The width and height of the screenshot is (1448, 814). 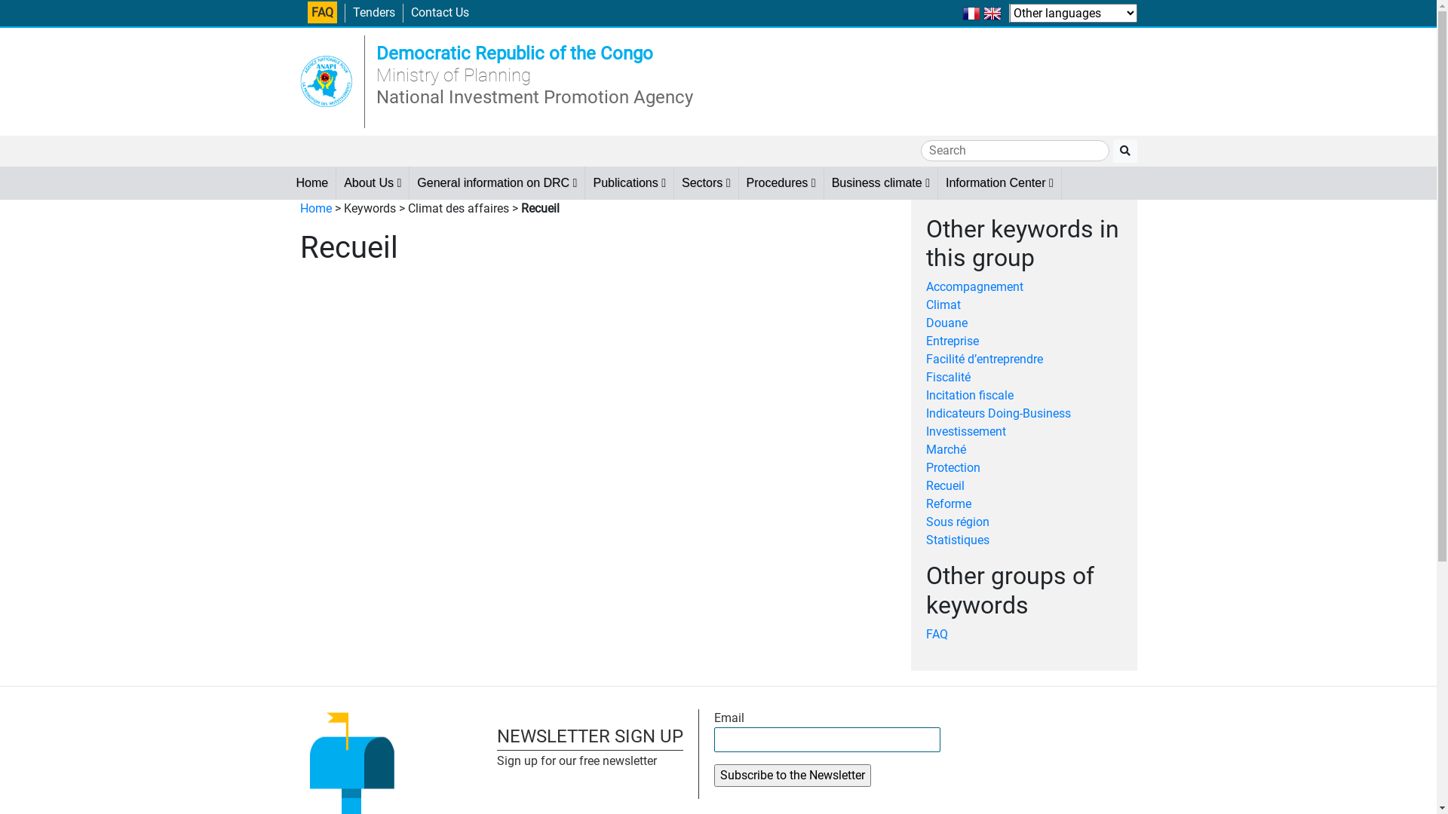 What do you see at coordinates (314, 208) in the screenshot?
I see `'Home'` at bounding box center [314, 208].